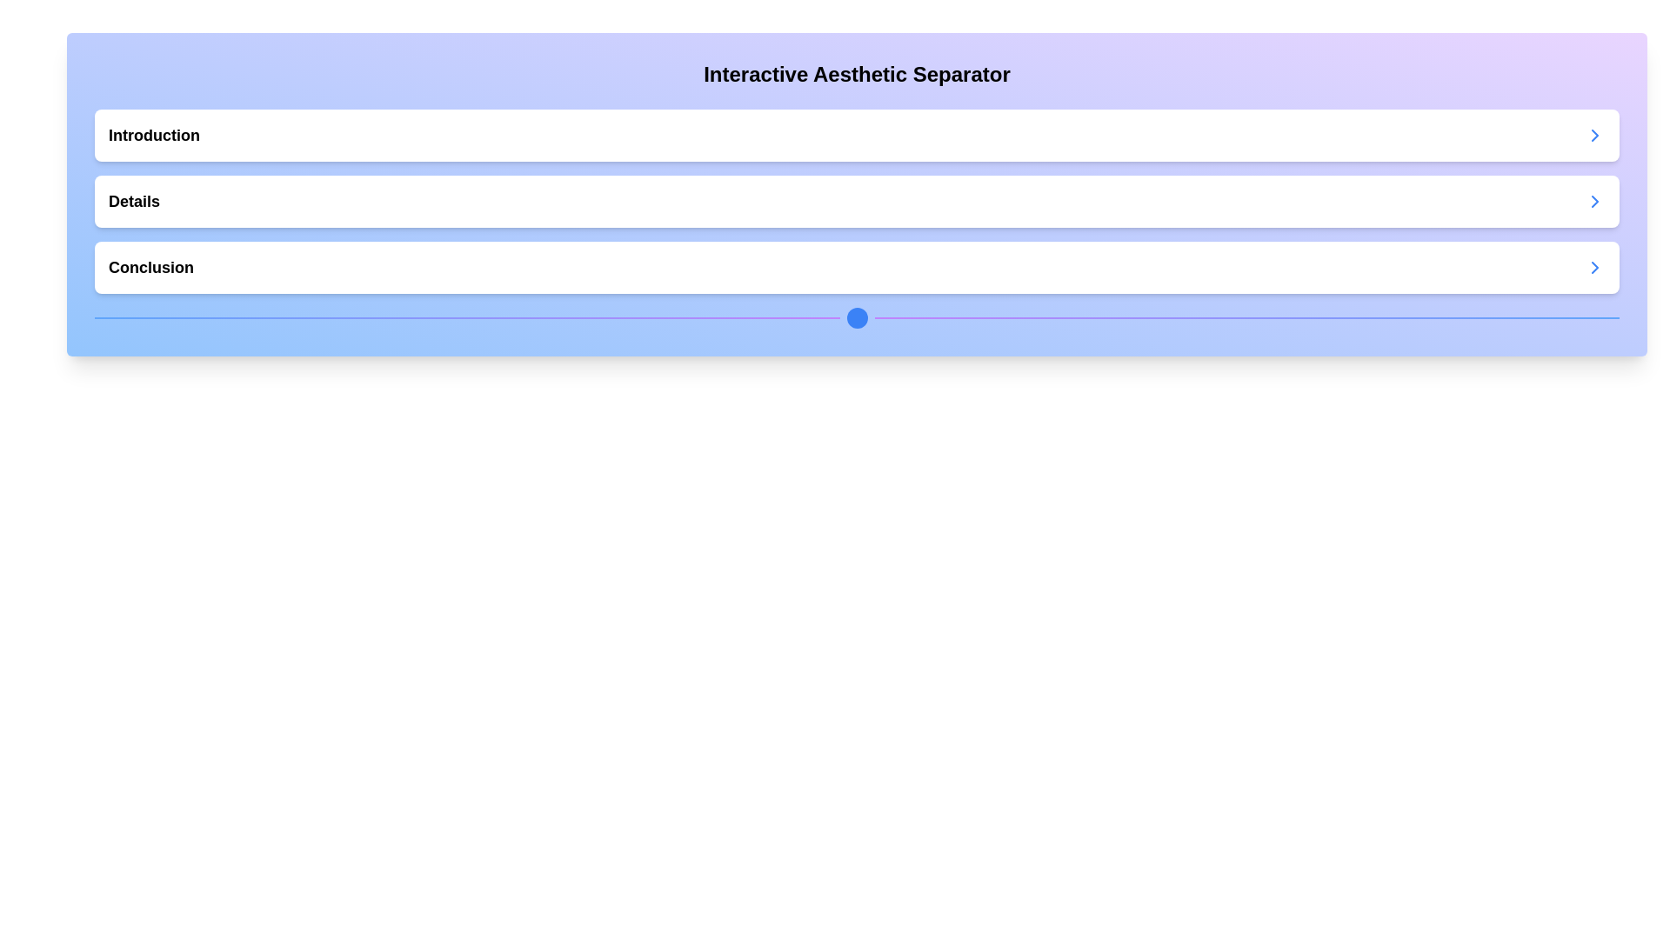 The height and width of the screenshot is (939, 1670). I want to click on the blue rightward-pointing chevron icon located on the far right of the second row labeled 'Details' in the expandable section of the interface, so click(1594, 200).